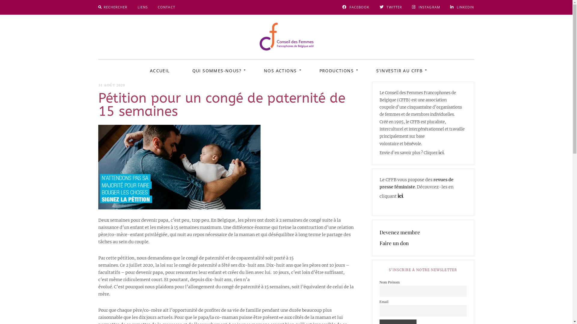 The height and width of the screenshot is (324, 577). Describe the element at coordinates (462, 7) in the screenshot. I see `'LINKEDIN'` at that location.